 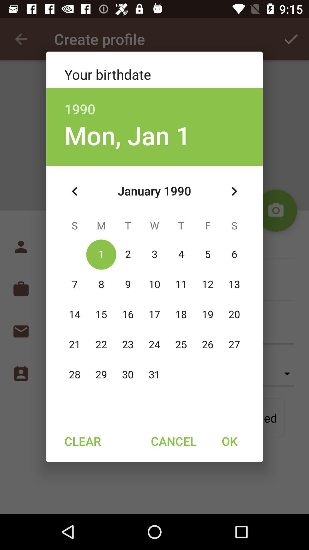 What do you see at coordinates (83, 441) in the screenshot?
I see `clear item` at bounding box center [83, 441].